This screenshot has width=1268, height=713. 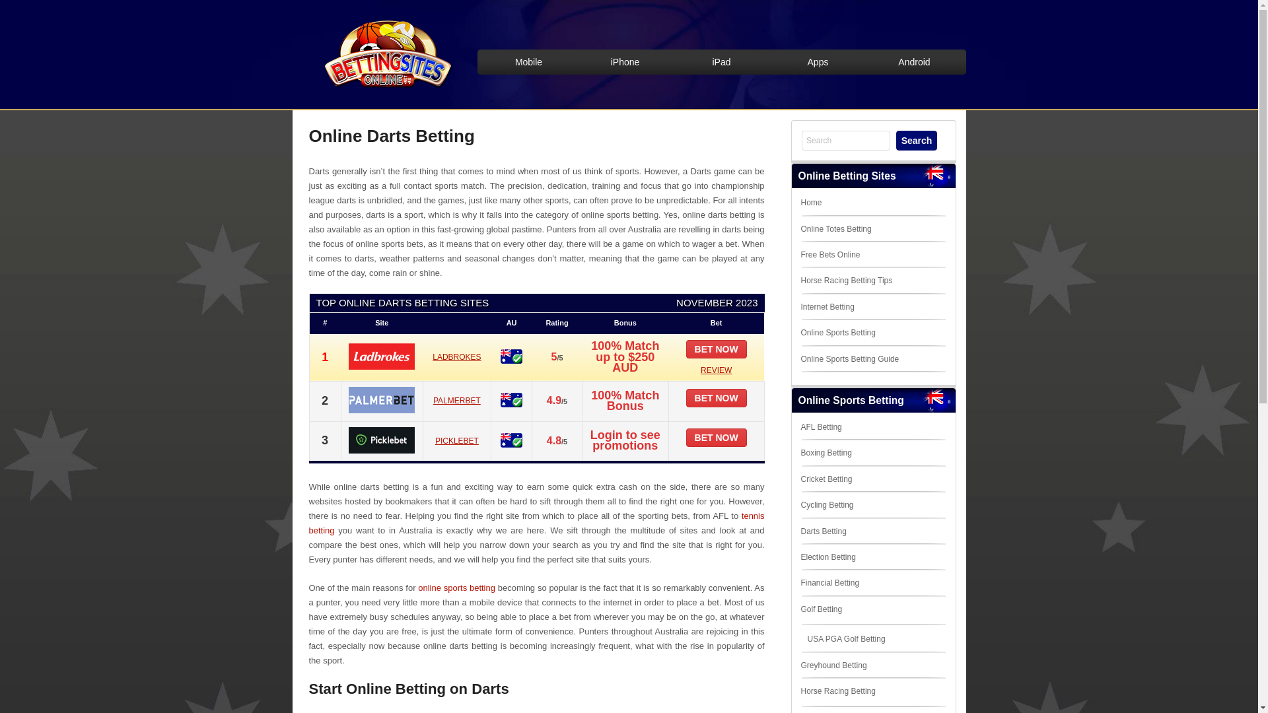 What do you see at coordinates (846, 638) in the screenshot?
I see `'USA PGA Golf Betting'` at bounding box center [846, 638].